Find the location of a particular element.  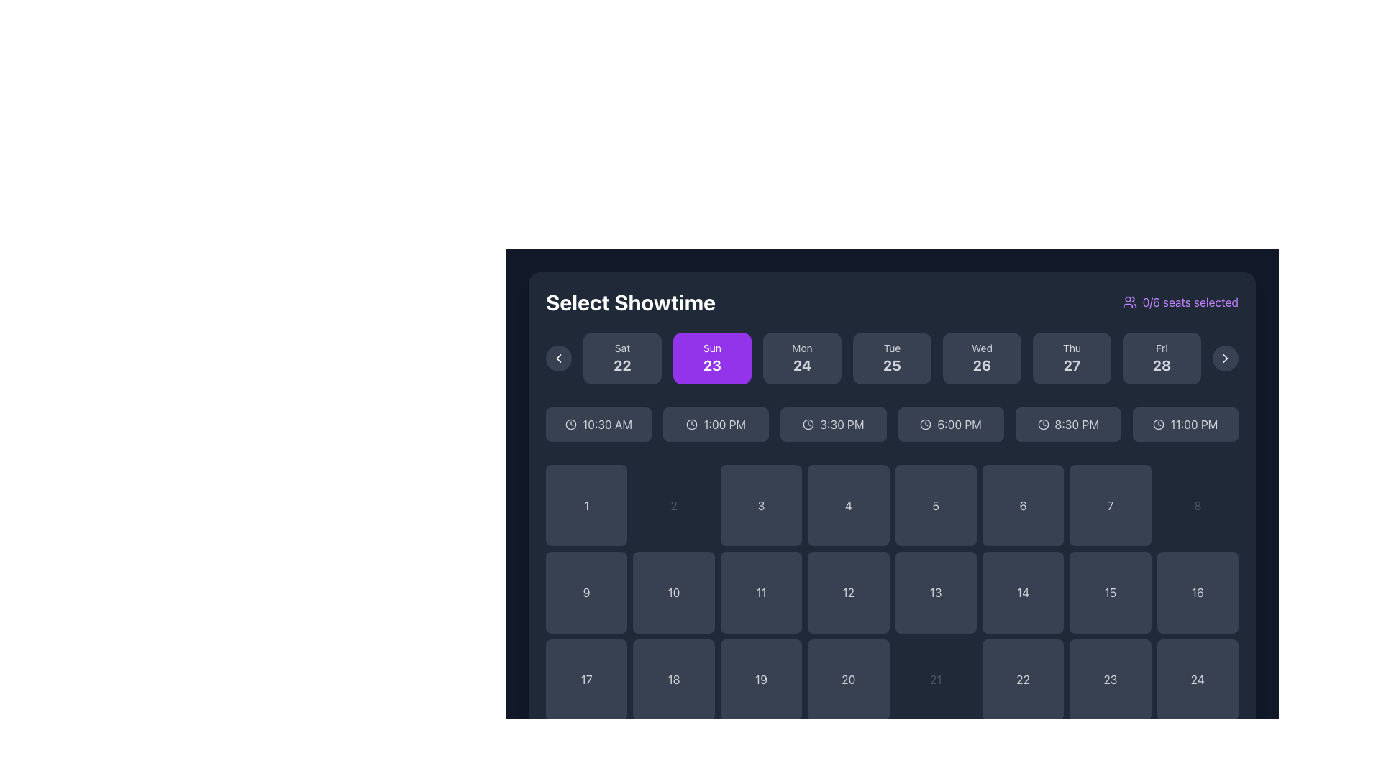

the clock icon located inside the button labeled '11:00 PM' in the last column of the time selector row is located at coordinates (1159, 423).